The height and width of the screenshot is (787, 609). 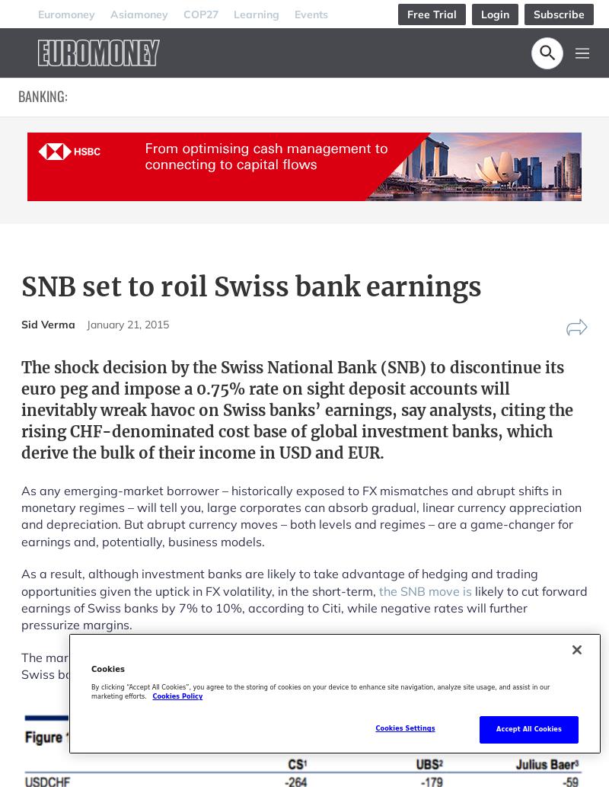 What do you see at coordinates (21, 664) in the screenshot?
I see `'The market certainly agrees, with the equivalent of $25 billion wiped off the shares of the big three Swiss banks – Credit Suisse, UBS and Julius Baer – since the SNB’s decision last week.'` at bounding box center [21, 664].